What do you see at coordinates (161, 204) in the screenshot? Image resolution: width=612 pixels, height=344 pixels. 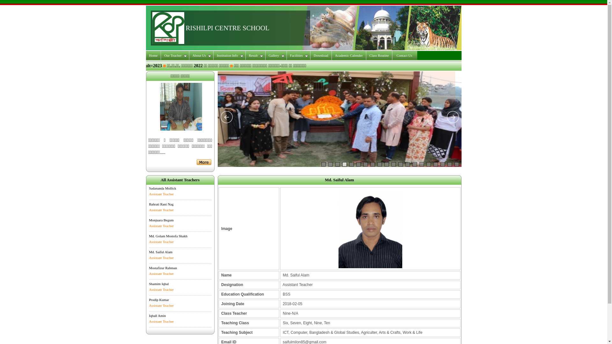 I see `'Bahrati Rani Nag'` at bounding box center [161, 204].